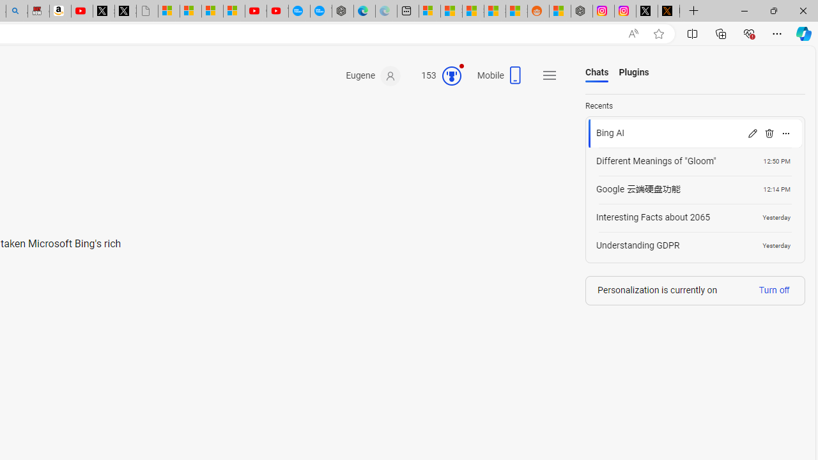 The height and width of the screenshot is (460, 818). Describe the element at coordinates (81, 11) in the screenshot. I see `'Day 1: Arriving in Yemen (surreal to be here) - YouTube'` at that location.